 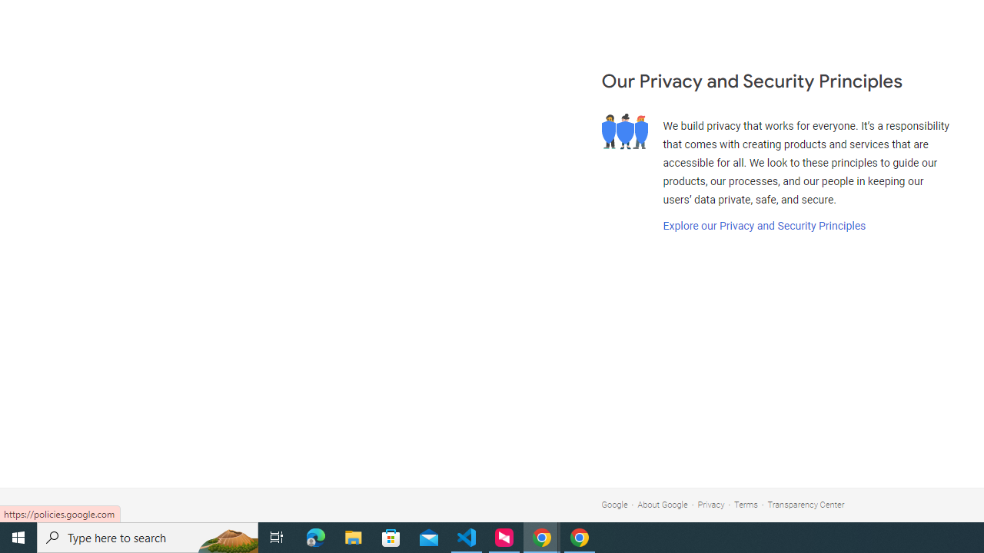 What do you see at coordinates (746, 505) in the screenshot?
I see `'Terms'` at bounding box center [746, 505].